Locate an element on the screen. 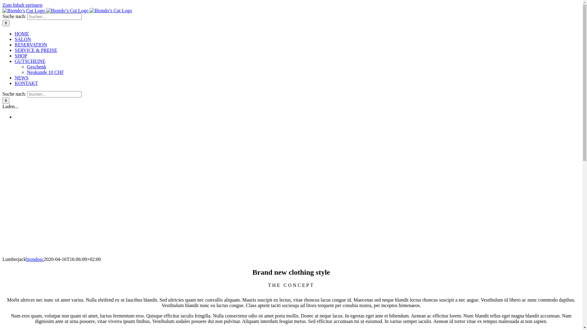  'KONTAKT' is located at coordinates (15, 83).